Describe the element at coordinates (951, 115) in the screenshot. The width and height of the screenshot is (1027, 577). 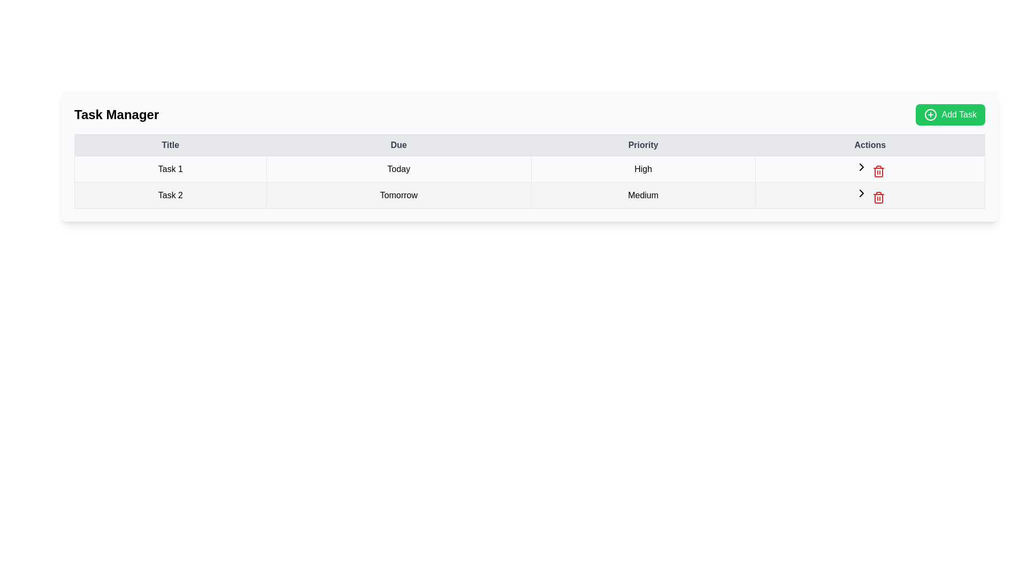
I see `the button located to the right of the 'Task Manager' text to initiate the task addition process` at that location.